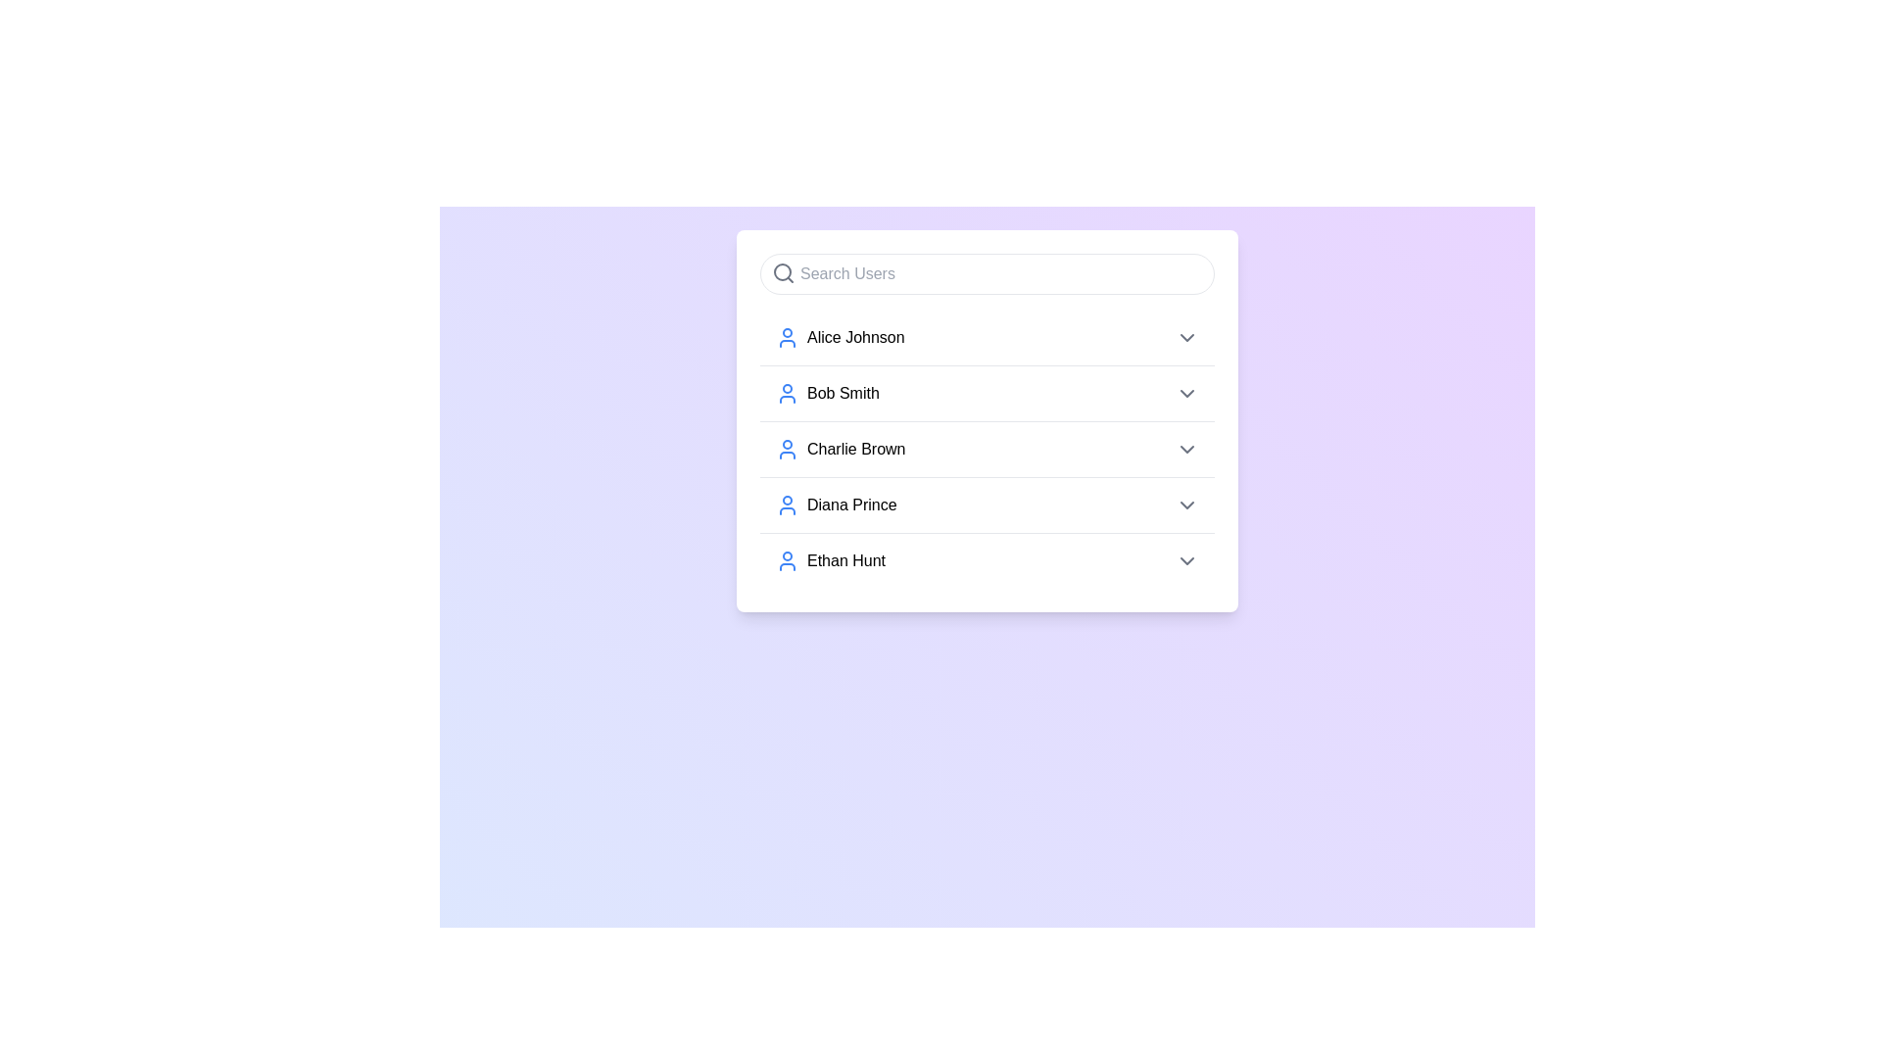  What do you see at coordinates (840, 336) in the screenshot?
I see `on the text label 'Alice Johnson' which is the first user item in the dropdown menu, located below the 'Search Users' input field, alongside a blue user icon` at bounding box center [840, 336].